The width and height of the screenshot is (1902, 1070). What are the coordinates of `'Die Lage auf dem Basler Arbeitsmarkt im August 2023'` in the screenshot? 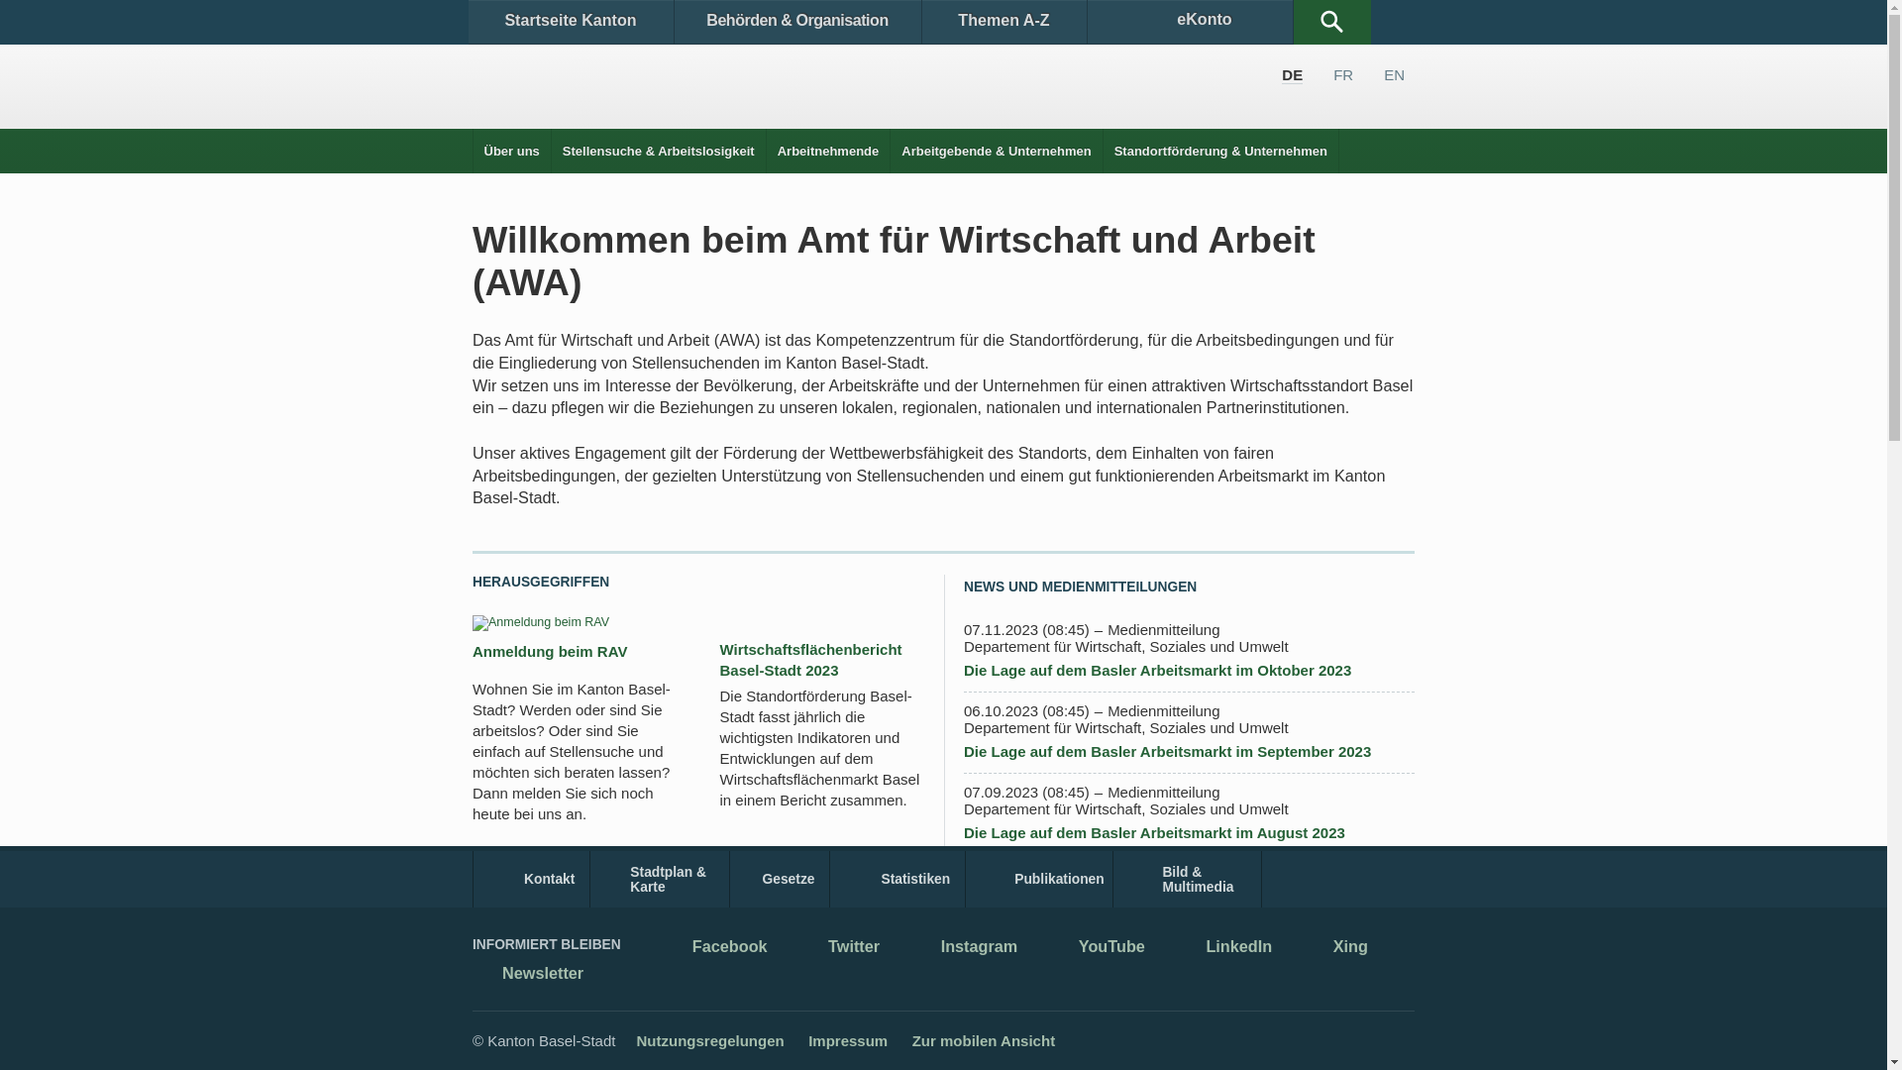 It's located at (1154, 832).